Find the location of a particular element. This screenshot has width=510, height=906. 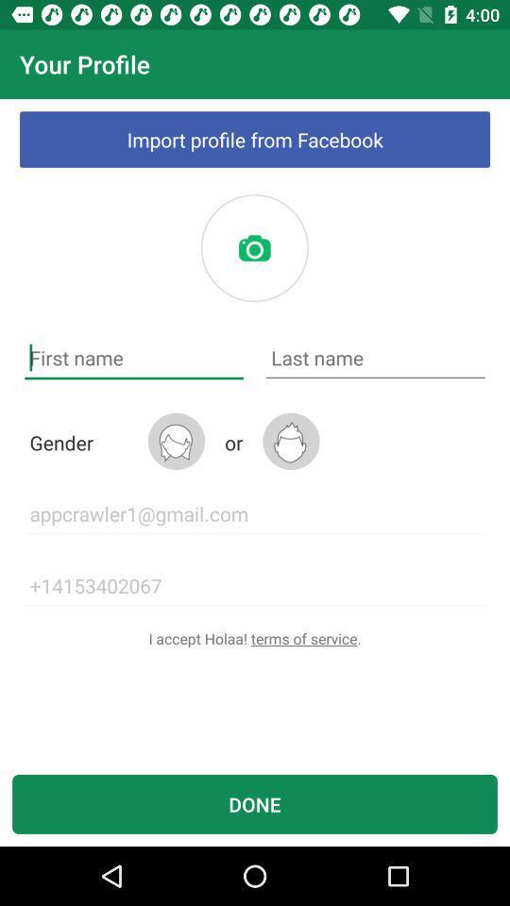

the item next to the or is located at coordinates (176, 441).